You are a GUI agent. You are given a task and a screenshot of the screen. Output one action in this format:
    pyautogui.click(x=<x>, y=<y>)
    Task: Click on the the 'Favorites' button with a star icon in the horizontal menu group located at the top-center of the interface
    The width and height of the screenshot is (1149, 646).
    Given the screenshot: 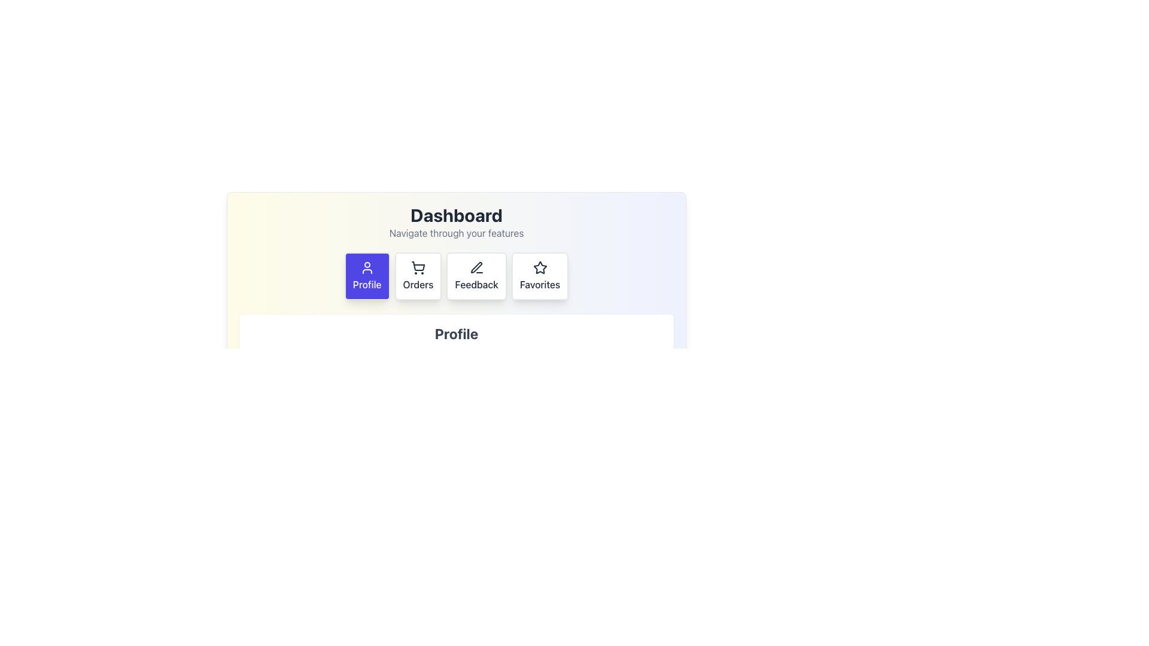 What is the action you would take?
    pyautogui.click(x=539, y=276)
    